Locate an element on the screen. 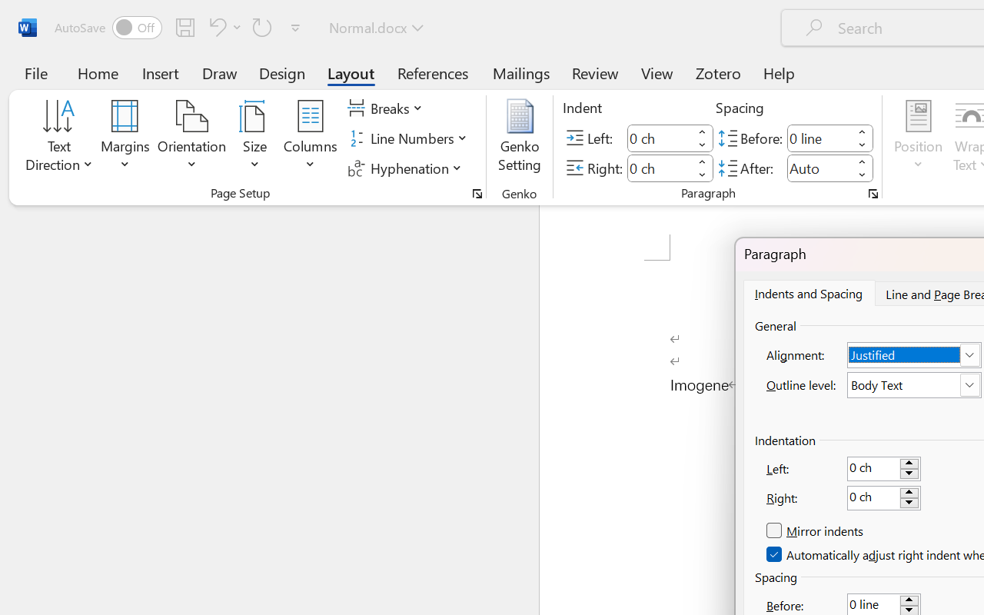 This screenshot has width=984, height=615. 'Position' is located at coordinates (918, 138).